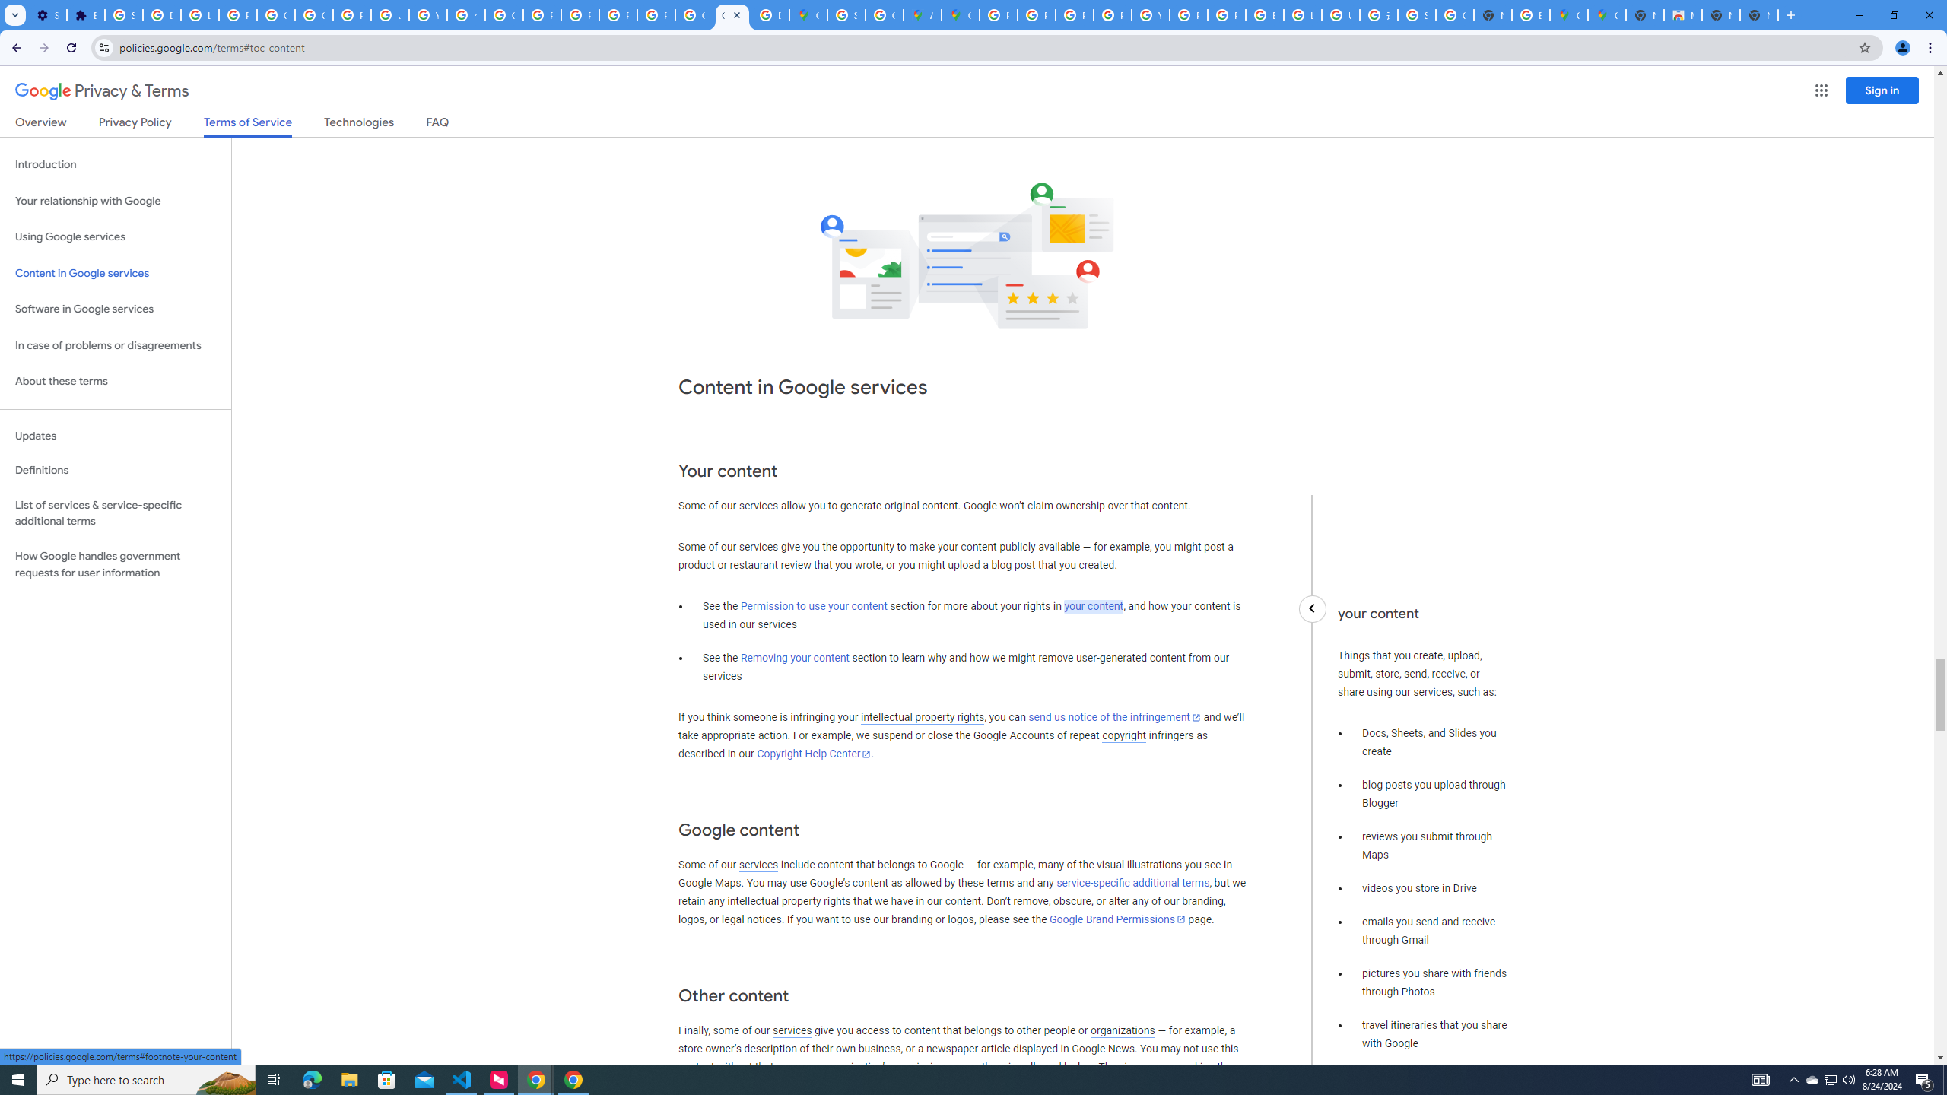 The image size is (1947, 1095). Describe the element at coordinates (815, 754) in the screenshot. I see `'Copyright Help Center'` at that location.